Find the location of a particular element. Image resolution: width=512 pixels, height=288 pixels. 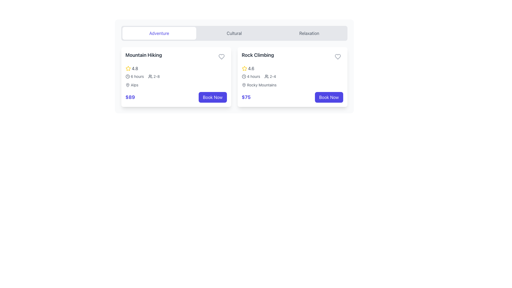

the icon representing the map location for 'Rocky Mountains' within the 'Rock Climbing' card in the 'Adventure' section is located at coordinates (243, 85).